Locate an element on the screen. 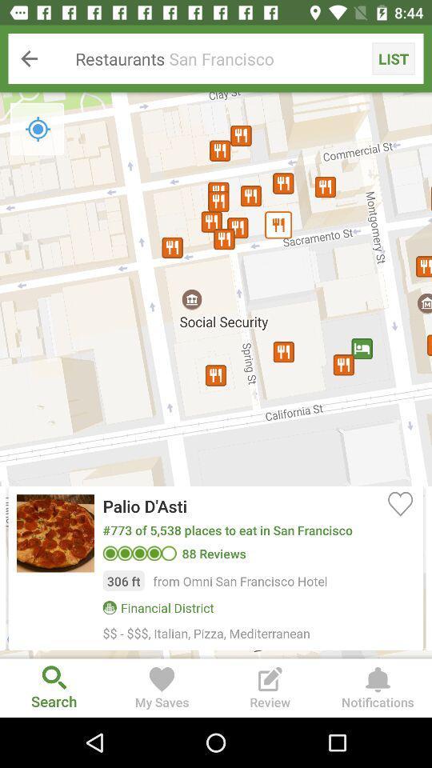  the location_crosshair icon is located at coordinates (38, 128).